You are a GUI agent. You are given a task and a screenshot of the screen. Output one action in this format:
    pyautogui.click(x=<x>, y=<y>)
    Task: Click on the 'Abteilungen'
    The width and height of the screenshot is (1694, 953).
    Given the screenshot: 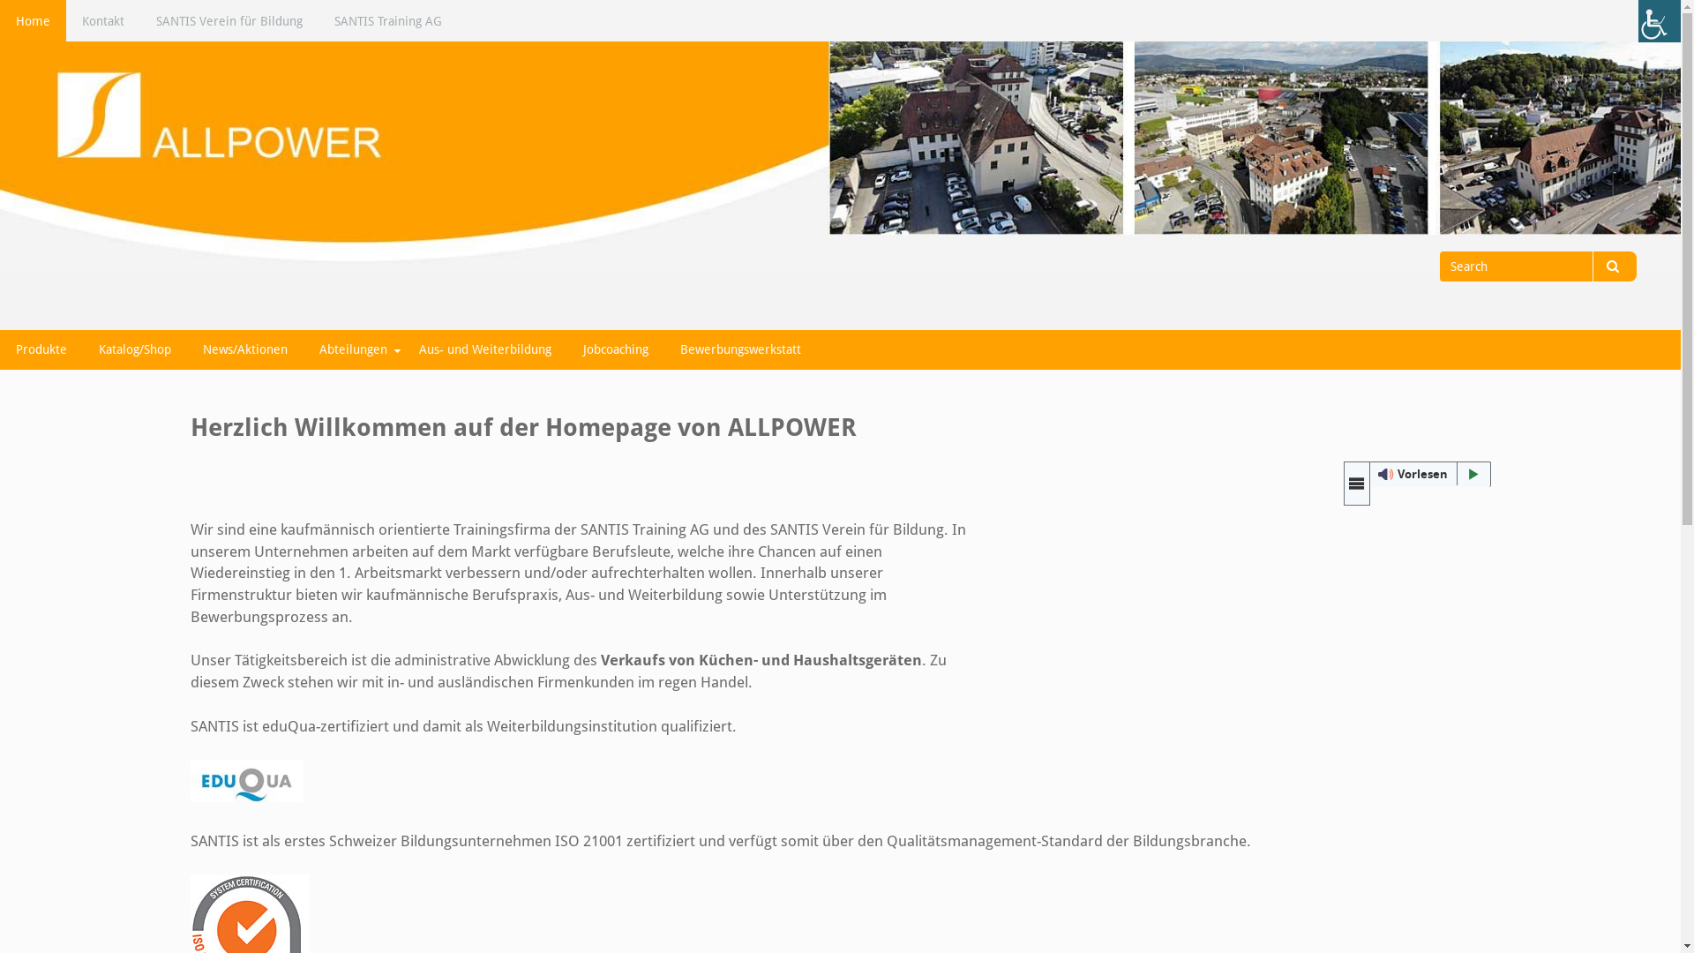 What is the action you would take?
    pyautogui.click(x=304, y=349)
    